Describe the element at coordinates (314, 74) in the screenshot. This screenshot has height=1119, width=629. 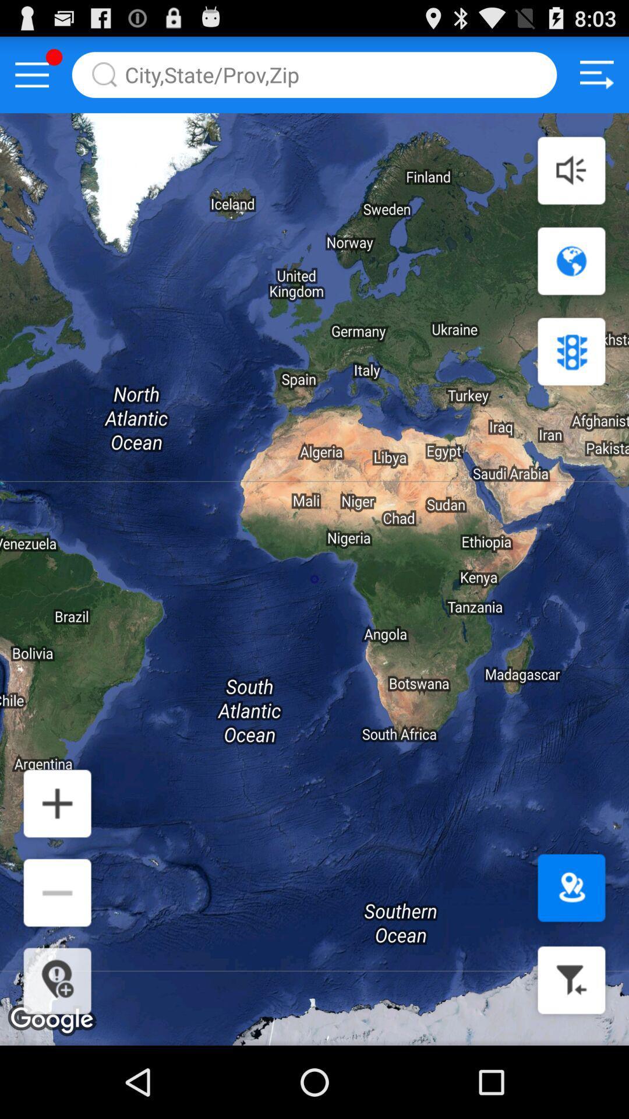
I see `icon at the top` at that location.